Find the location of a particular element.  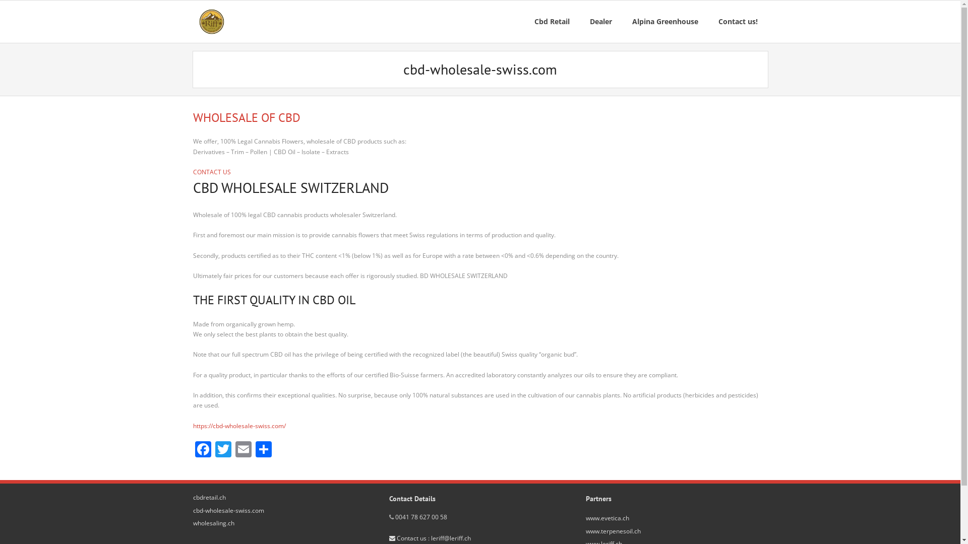

'www.terpenesoil.ch' is located at coordinates (585, 531).